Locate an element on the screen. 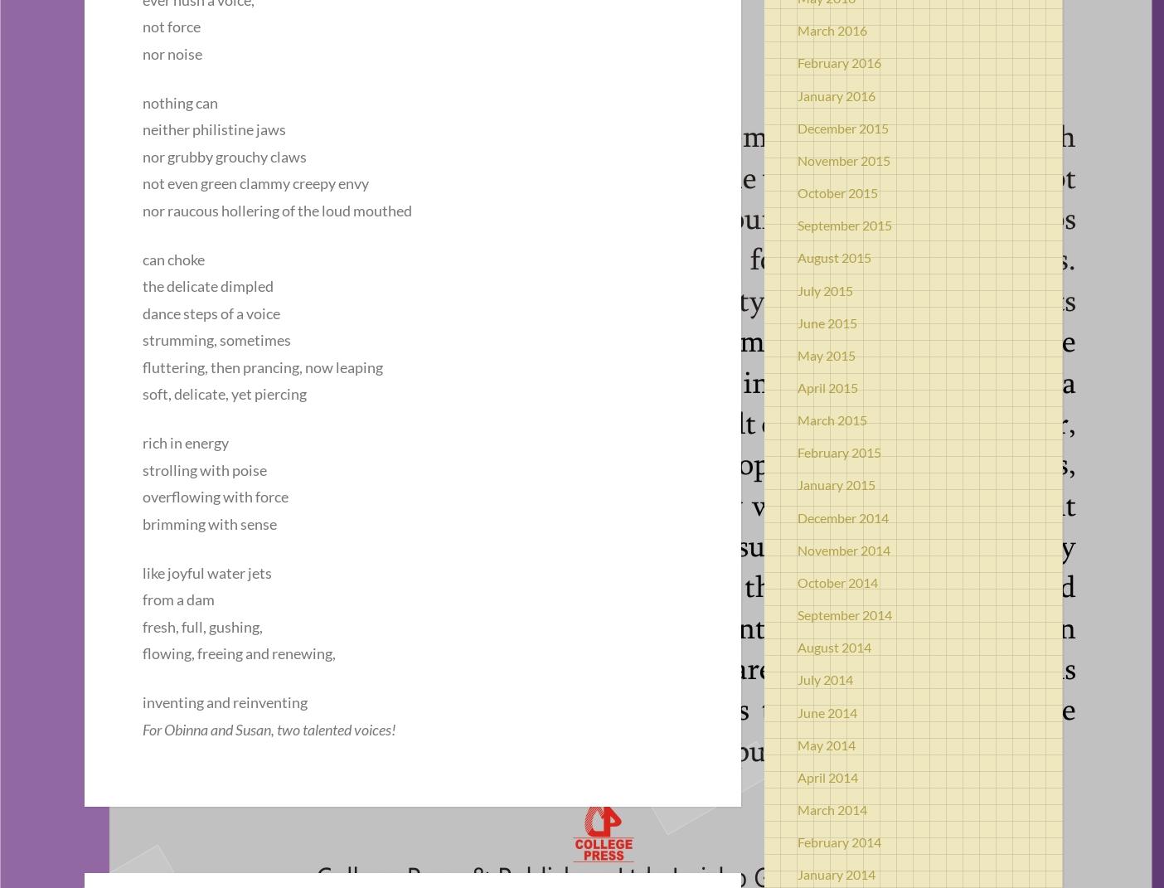  'not force' is located at coordinates (171, 26).